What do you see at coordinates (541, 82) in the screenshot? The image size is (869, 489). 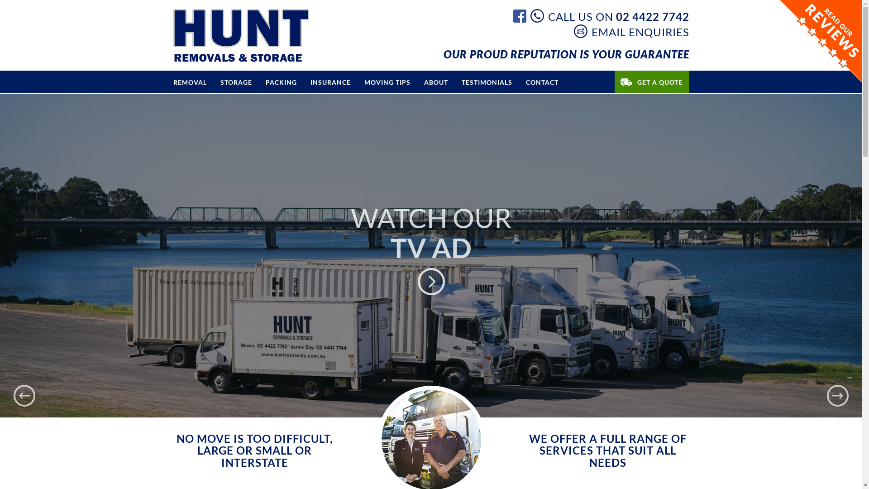 I see `'CONTACT'` at bounding box center [541, 82].